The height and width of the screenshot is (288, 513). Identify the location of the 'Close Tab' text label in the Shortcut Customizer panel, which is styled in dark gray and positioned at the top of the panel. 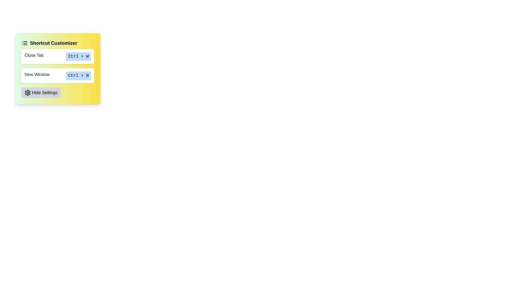
(34, 57).